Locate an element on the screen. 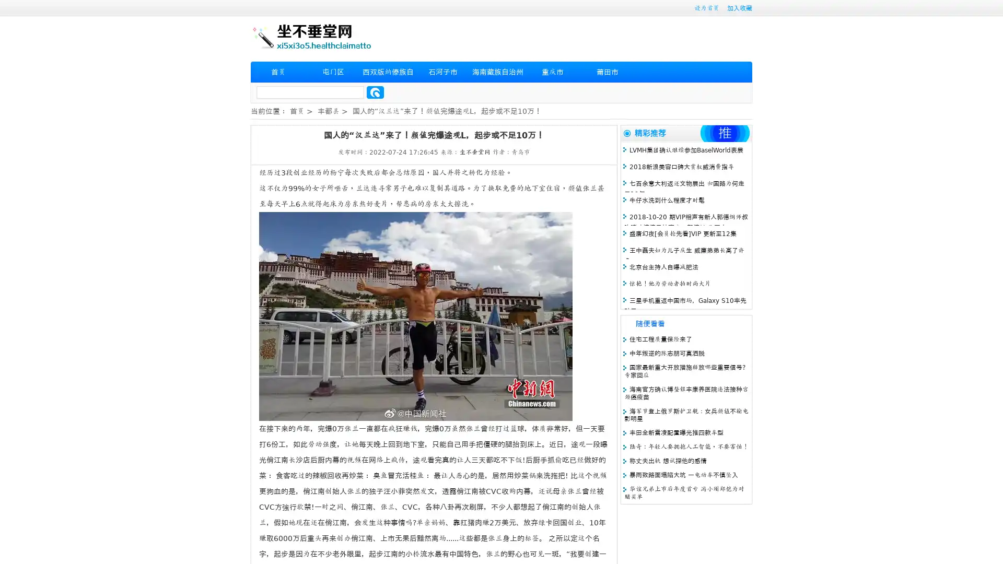 Image resolution: width=1003 pixels, height=564 pixels. Search is located at coordinates (375, 92).